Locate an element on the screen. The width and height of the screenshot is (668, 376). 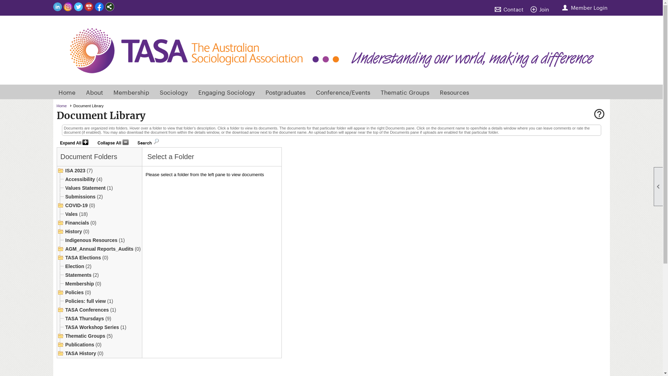
'Visit us on YouTube' is located at coordinates (88, 7).